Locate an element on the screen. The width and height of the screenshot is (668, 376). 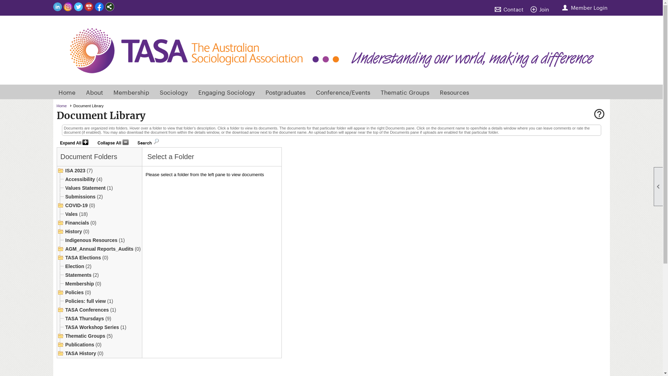
'Visit us on YouTube' is located at coordinates (88, 7).